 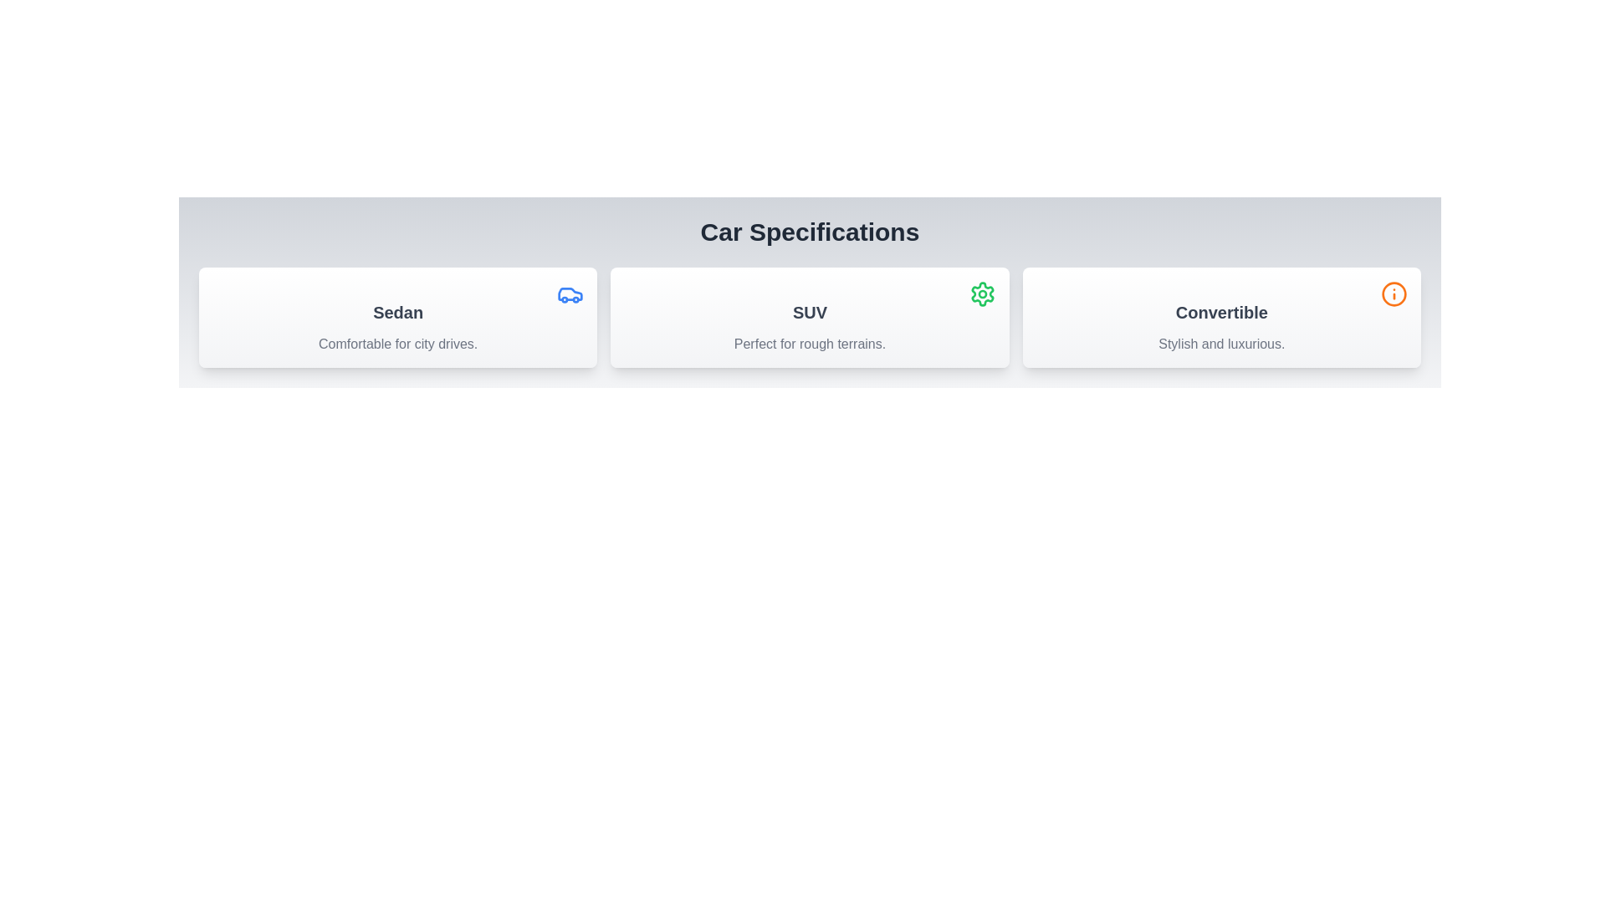 I want to click on text label 'Sedan' which is styled with a larger font size, bold typeface, and a gray color, located in the center of the first card in a grid layout, so click(x=397, y=313).